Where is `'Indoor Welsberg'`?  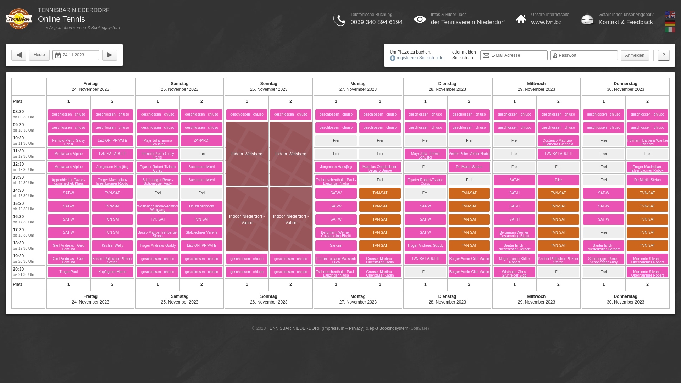
'Indoor Welsberg' is located at coordinates (247, 153).